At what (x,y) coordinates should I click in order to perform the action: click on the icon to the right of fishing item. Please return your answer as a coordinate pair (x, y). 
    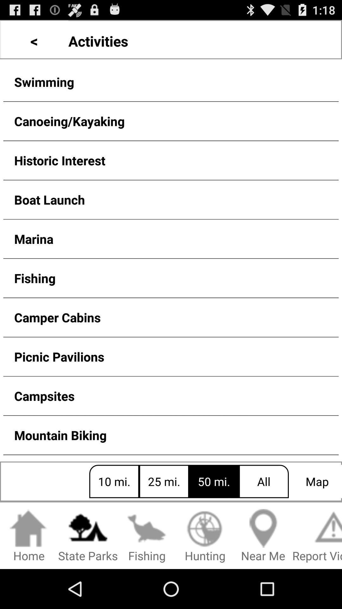
    Looking at the image, I should click on (205, 536).